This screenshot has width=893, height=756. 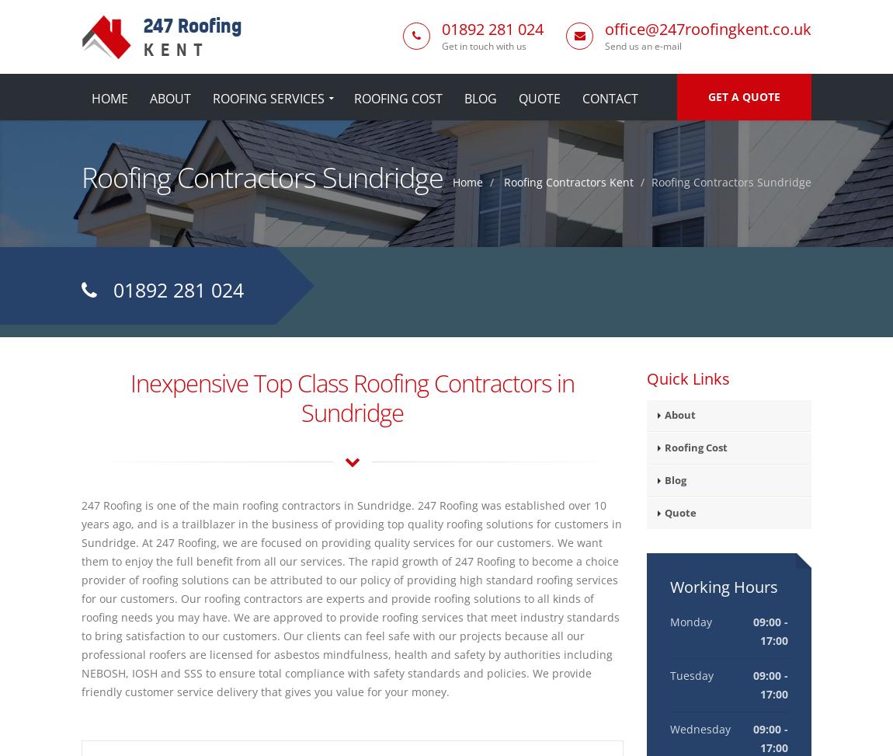 I want to click on 'Working Hours', so click(x=723, y=587).